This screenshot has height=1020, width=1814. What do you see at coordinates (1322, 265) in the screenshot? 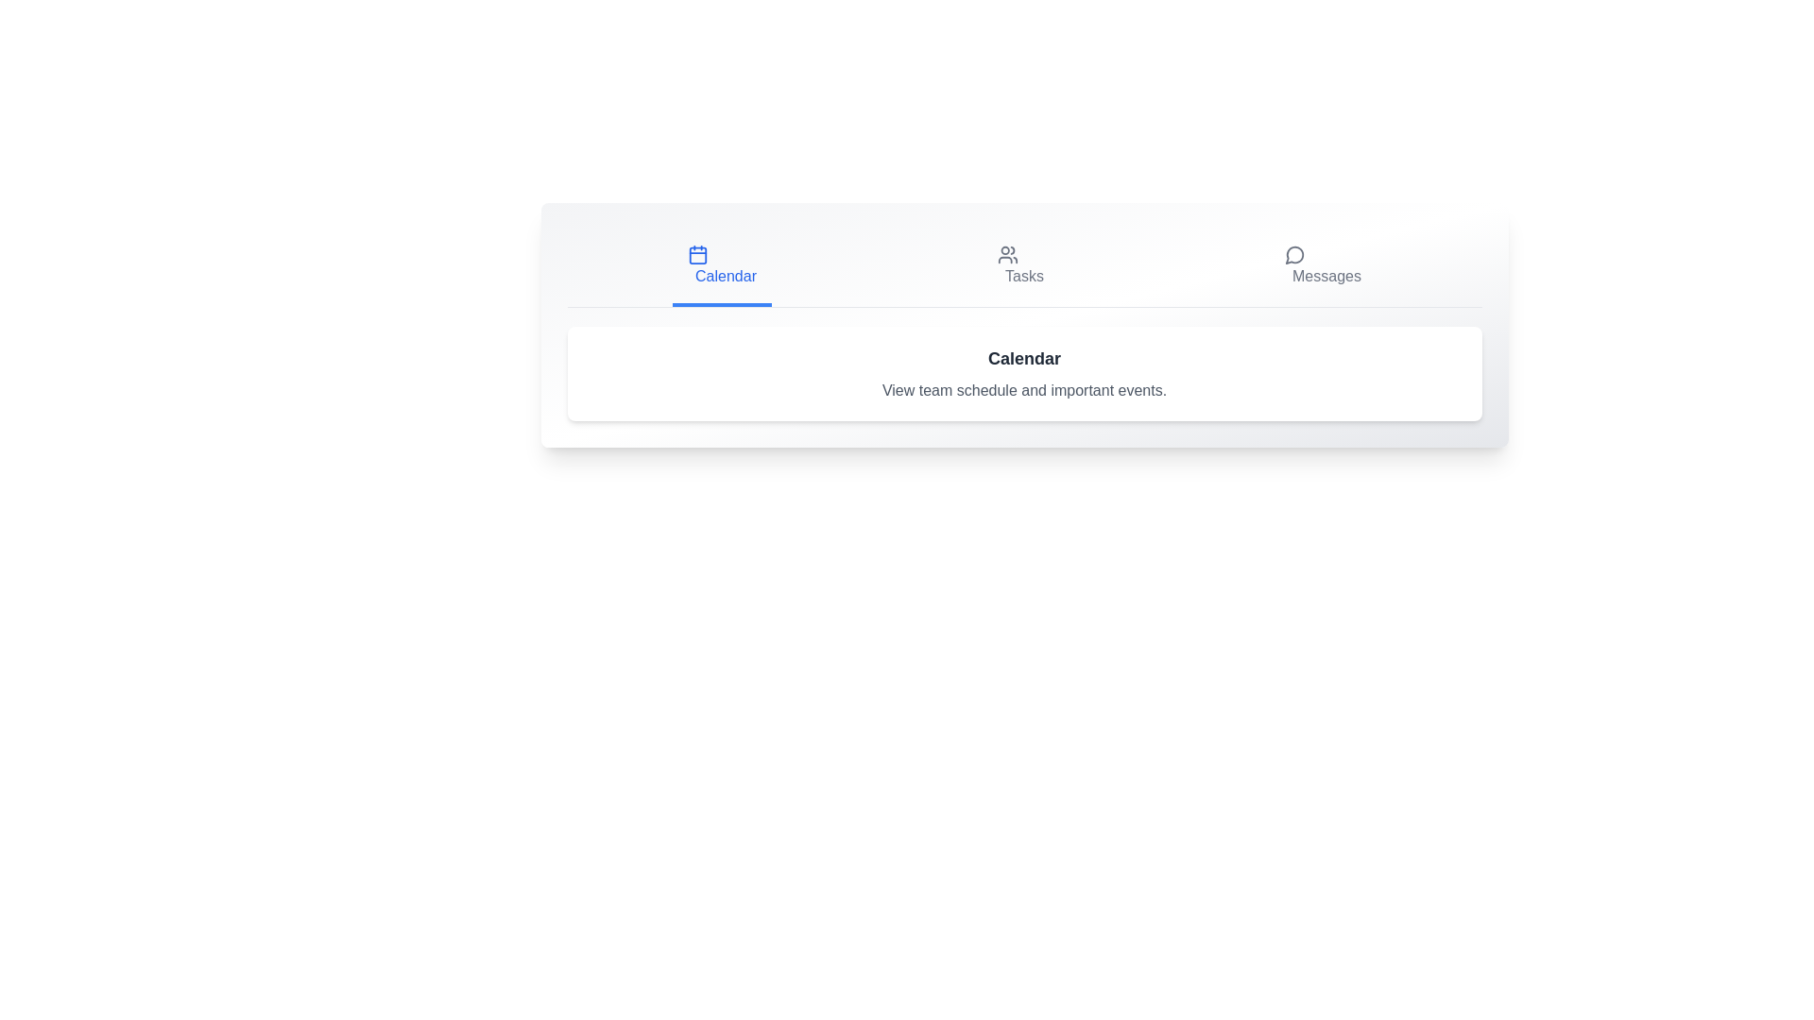
I see `the Messages tab` at bounding box center [1322, 265].